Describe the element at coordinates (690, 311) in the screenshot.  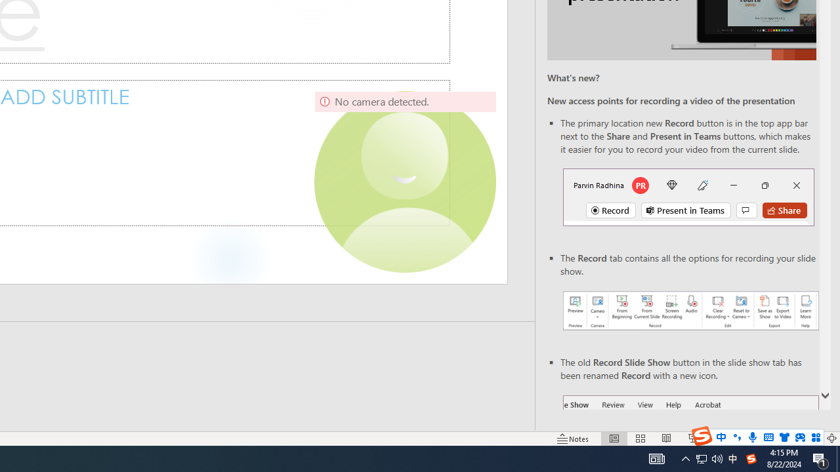
I see `'Record your presentations screenshot one'` at that location.